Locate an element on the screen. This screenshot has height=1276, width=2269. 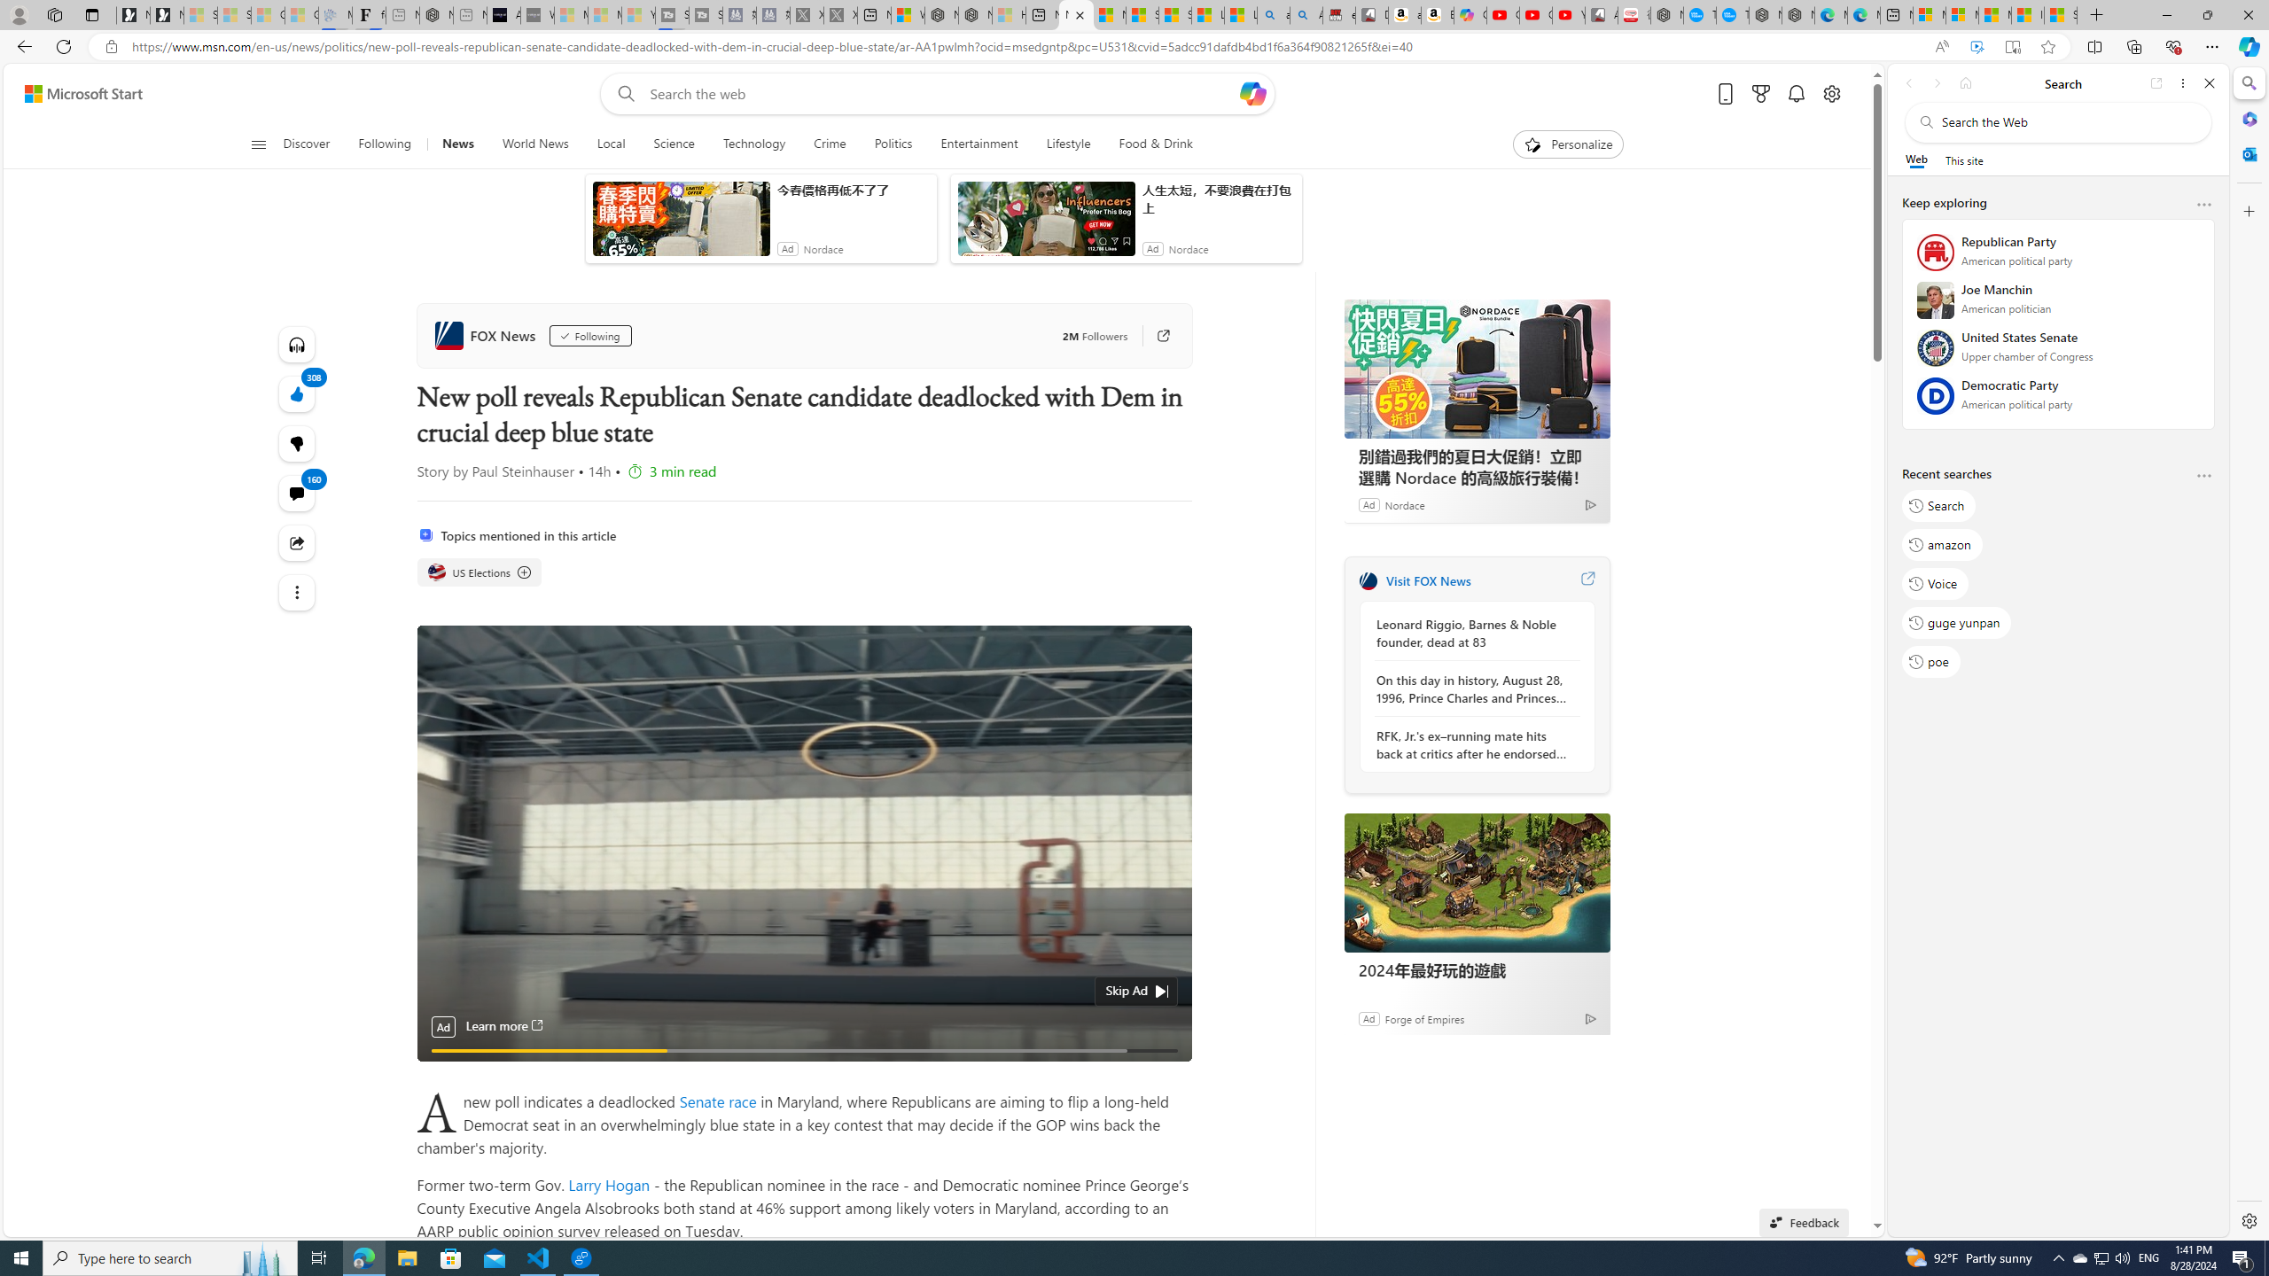
'Skip to footer' is located at coordinates (72, 92).